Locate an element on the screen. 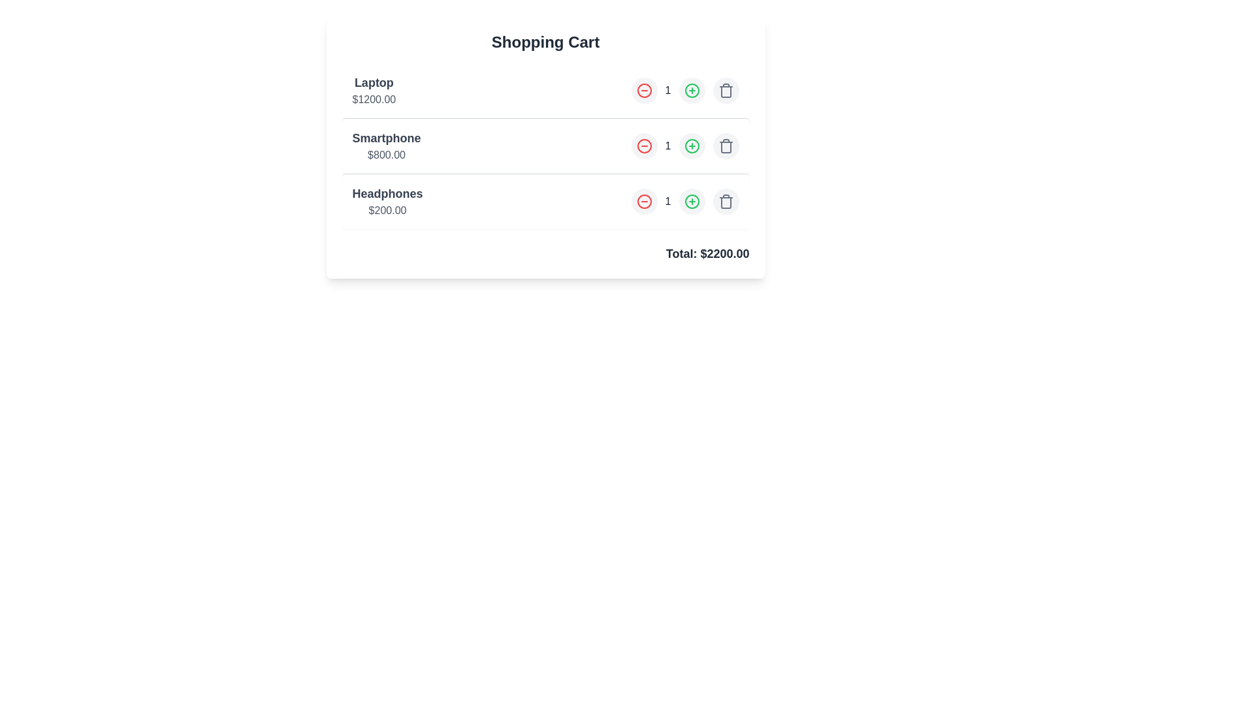 The image size is (1254, 705). the trash icon to remove the item Headphones from the cart is located at coordinates (725, 201).